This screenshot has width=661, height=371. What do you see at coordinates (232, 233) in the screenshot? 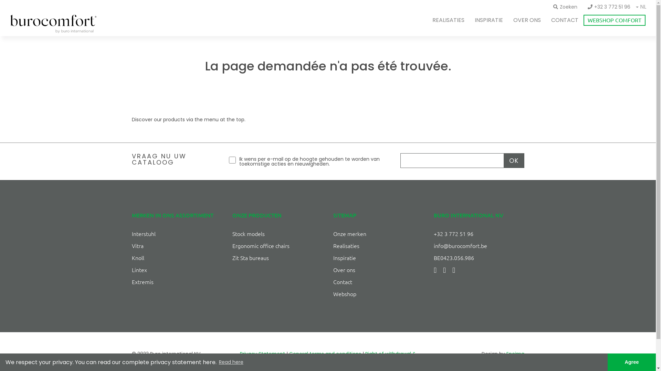
I see `'Stock models'` at bounding box center [232, 233].